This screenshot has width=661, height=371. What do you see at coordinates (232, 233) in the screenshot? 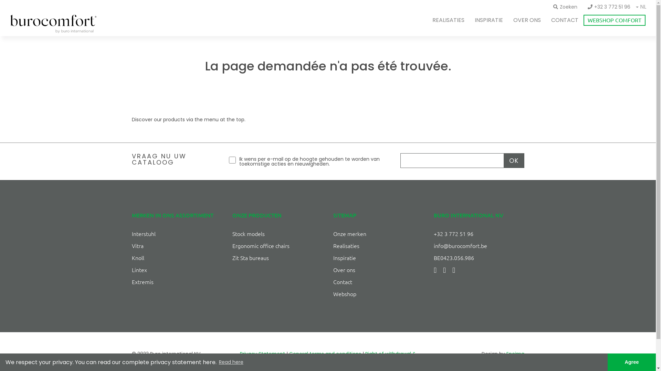
I see `'Stock models'` at bounding box center [232, 233].